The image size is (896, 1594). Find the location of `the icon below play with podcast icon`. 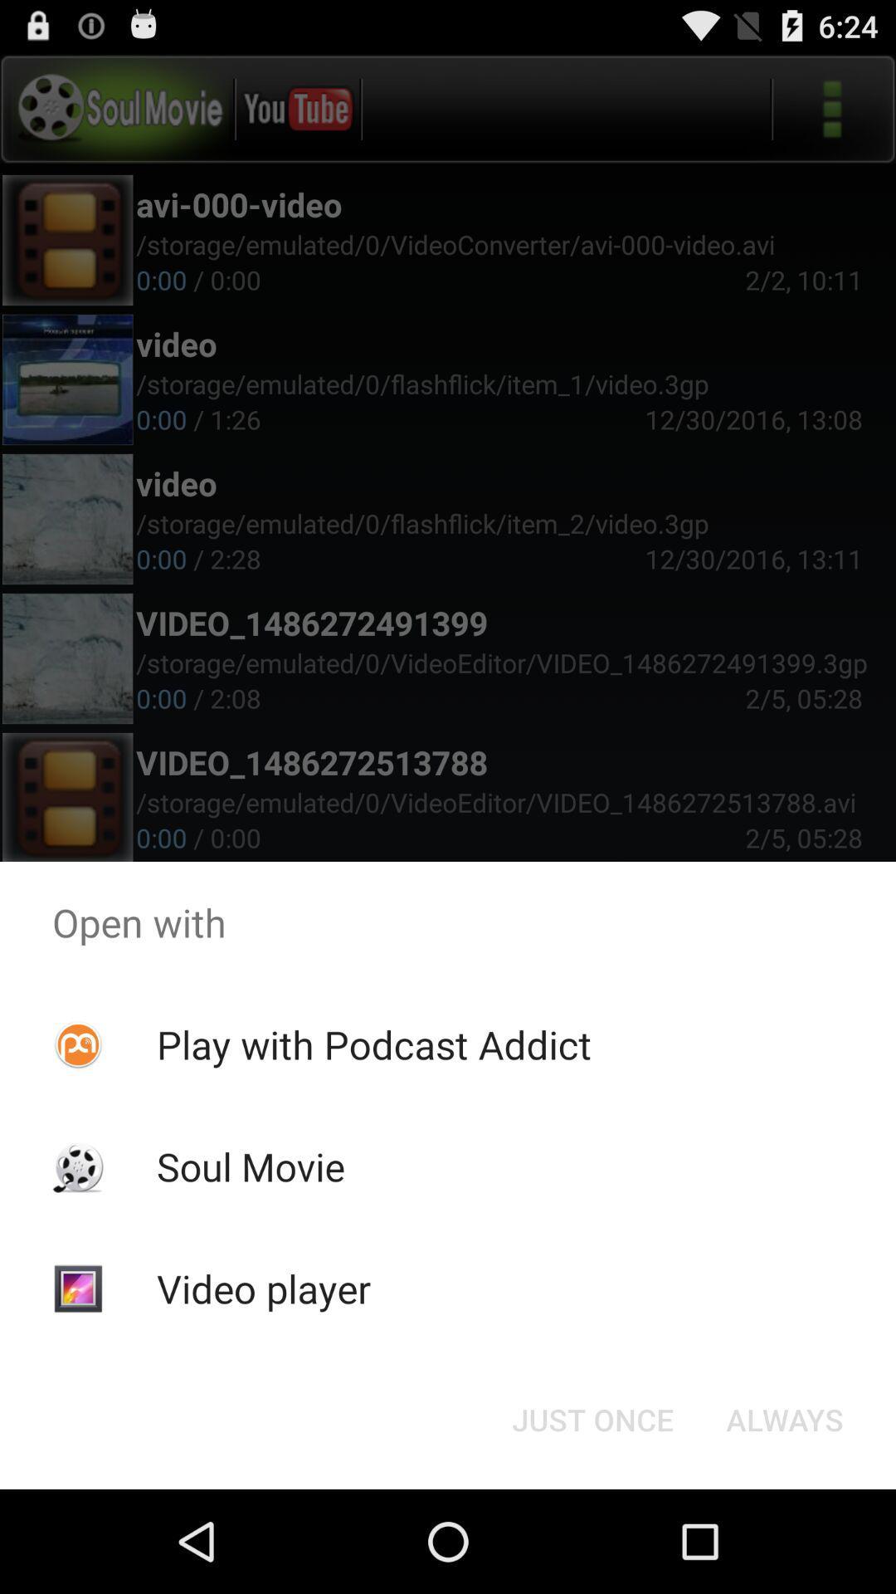

the icon below play with podcast icon is located at coordinates (251, 1166).